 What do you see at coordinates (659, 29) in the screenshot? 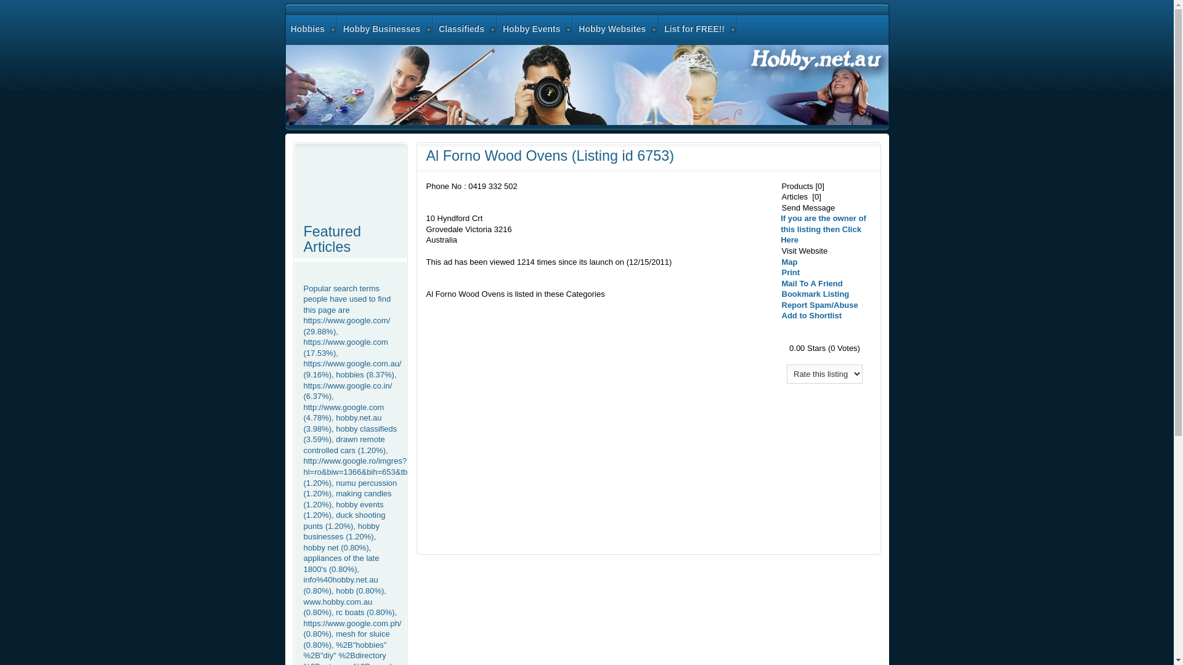
I see `'List for FREE!!'` at bounding box center [659, 29].